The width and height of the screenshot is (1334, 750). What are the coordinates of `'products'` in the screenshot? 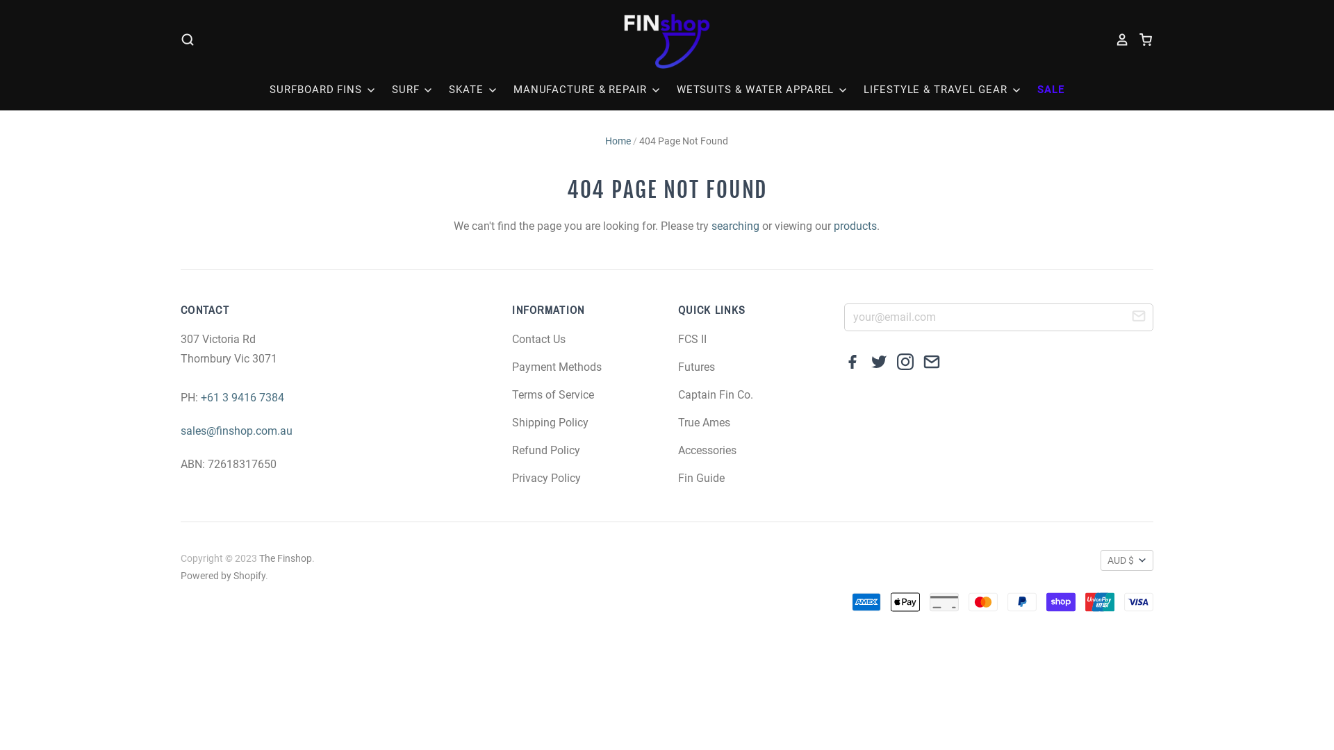 It's located at (854, 225).